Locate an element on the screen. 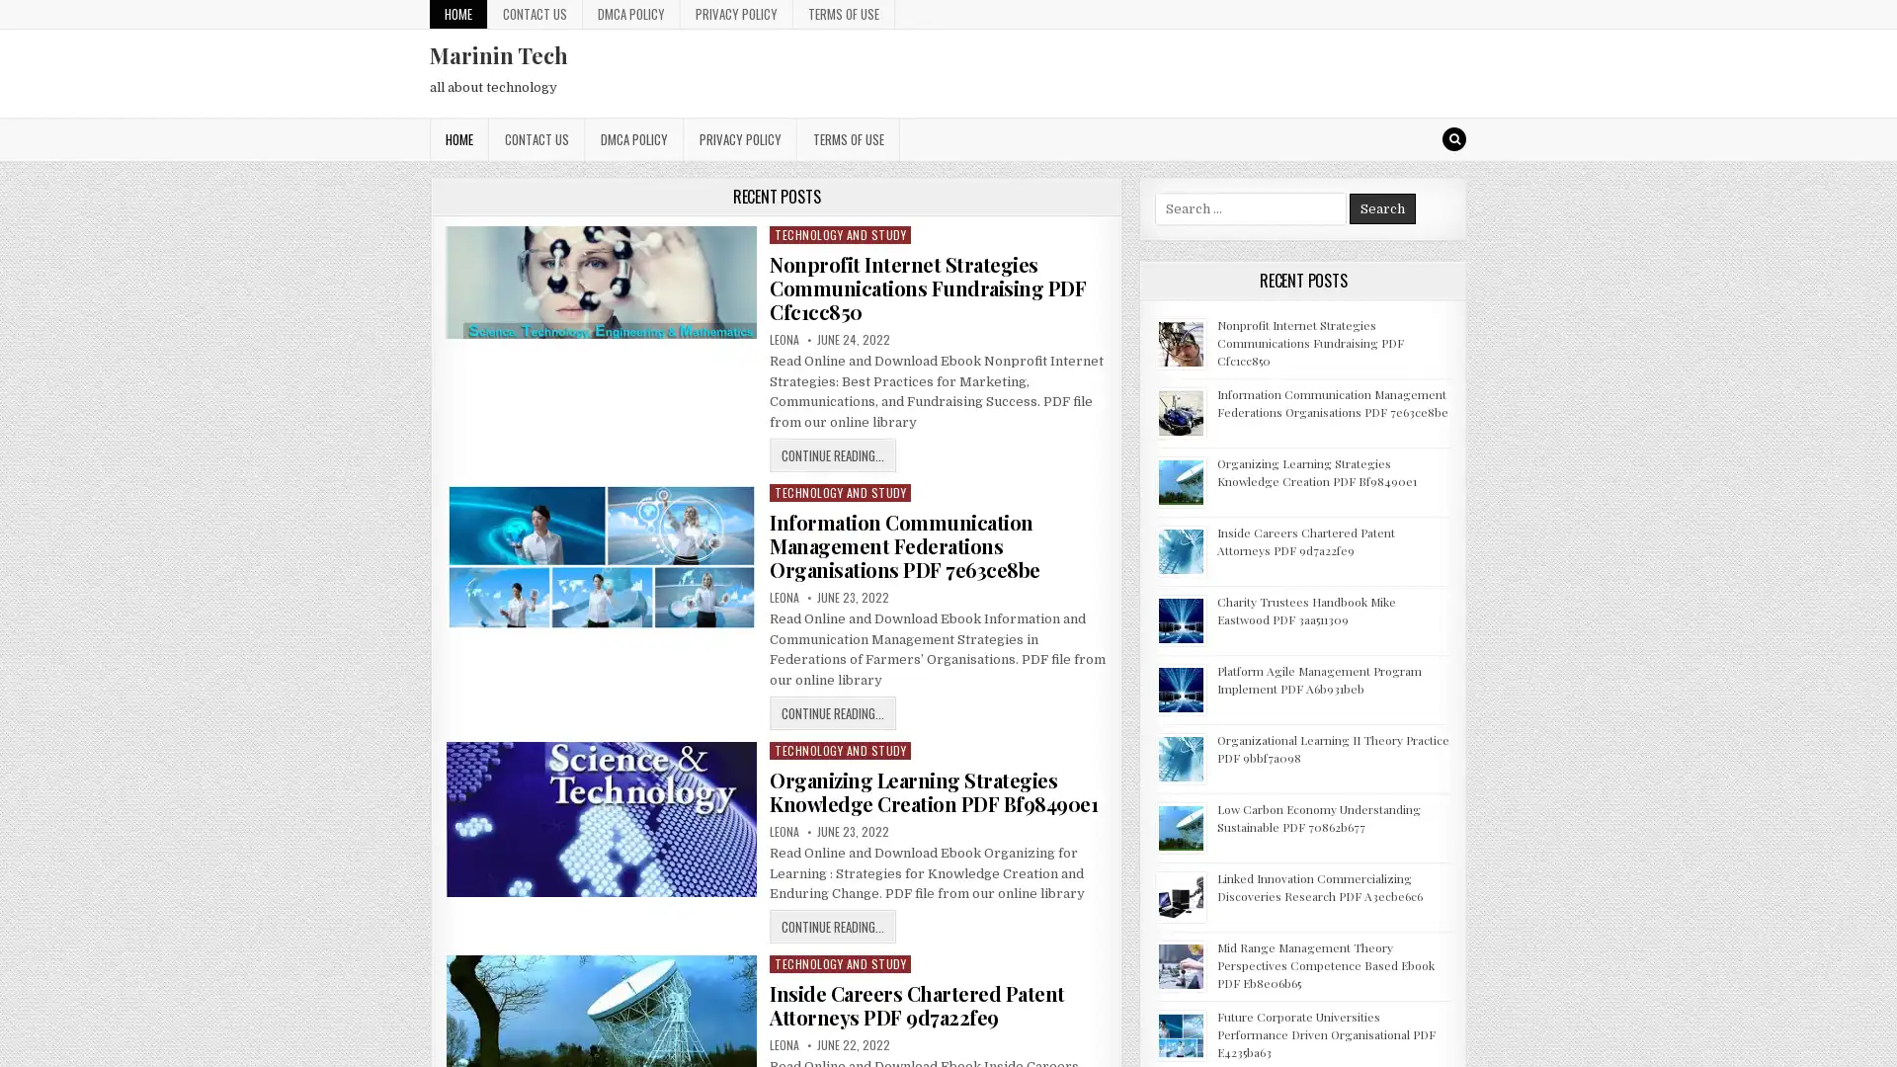 This screenshot has width=1897, height=1067. Search is located at coordinates (1381, 208).